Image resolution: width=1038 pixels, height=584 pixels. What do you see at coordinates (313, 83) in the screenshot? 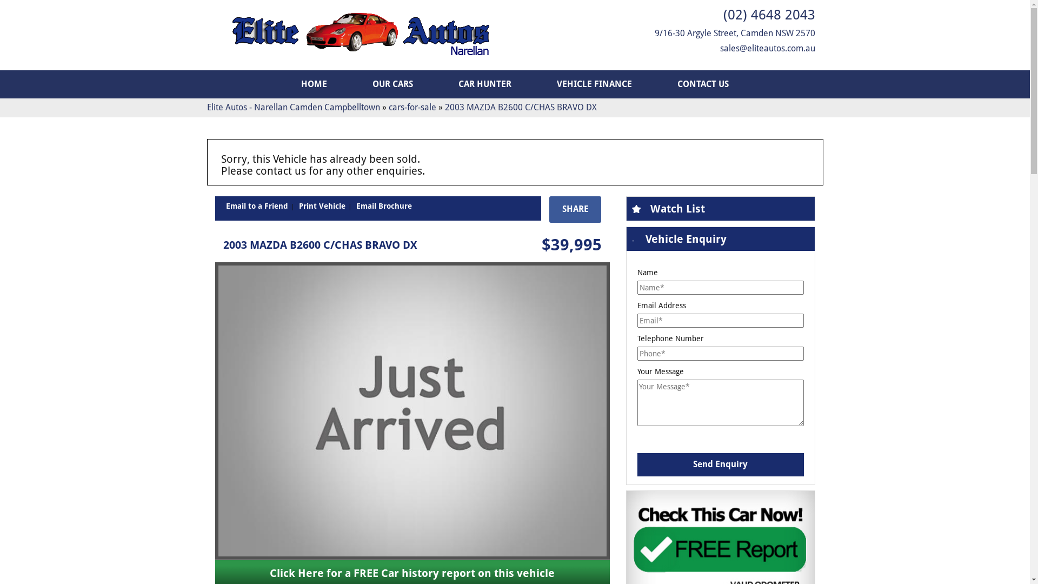
I see `'HOME'` at bounding box center [313, 83].